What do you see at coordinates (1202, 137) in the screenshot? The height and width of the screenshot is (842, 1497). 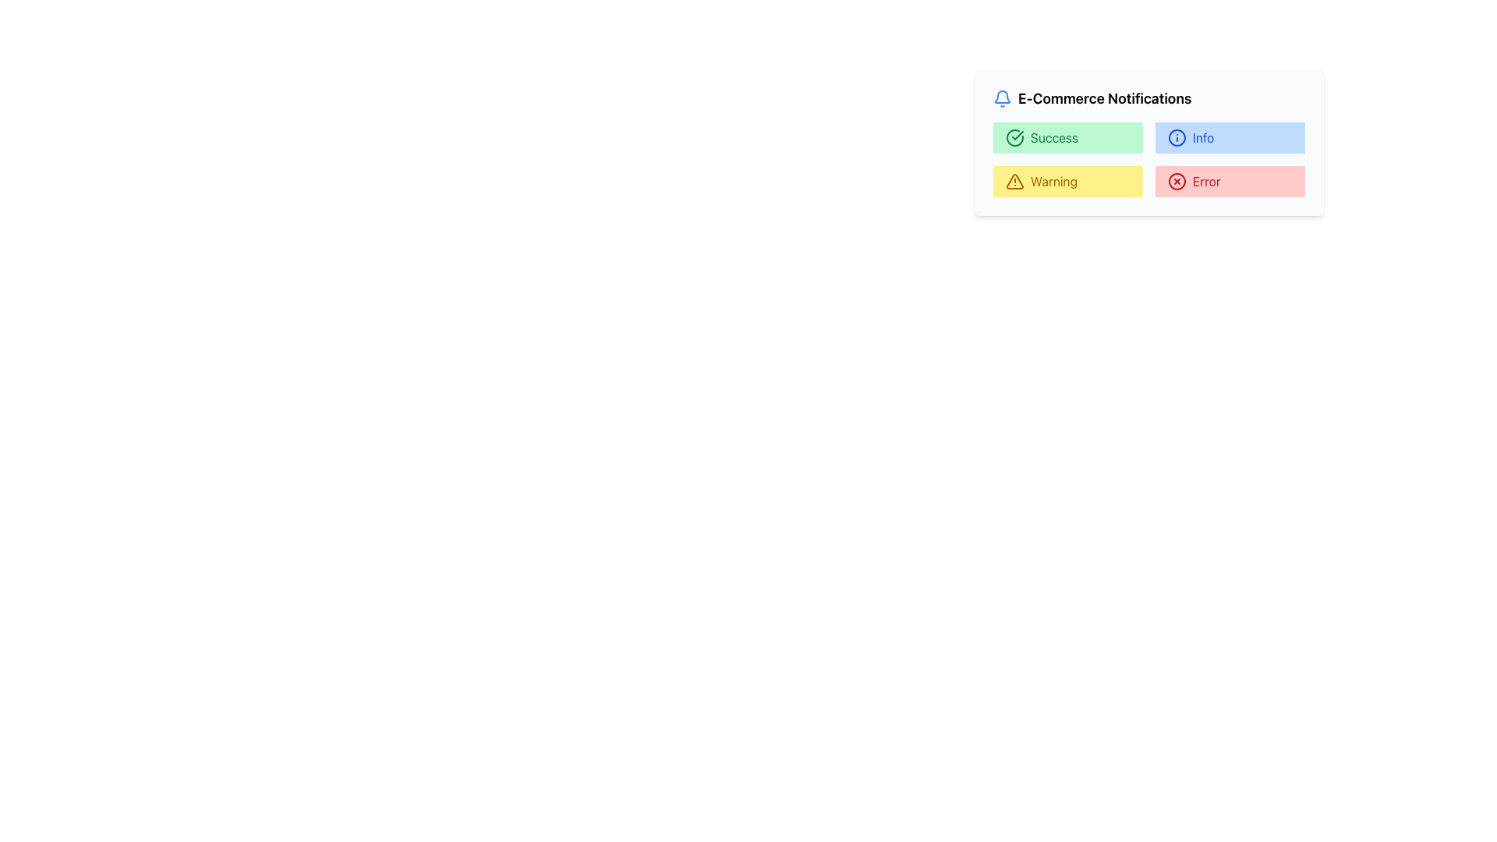 I see `the 'Info' notification button label, which provides further details when interacted with` at bounding box center [1202, 137].